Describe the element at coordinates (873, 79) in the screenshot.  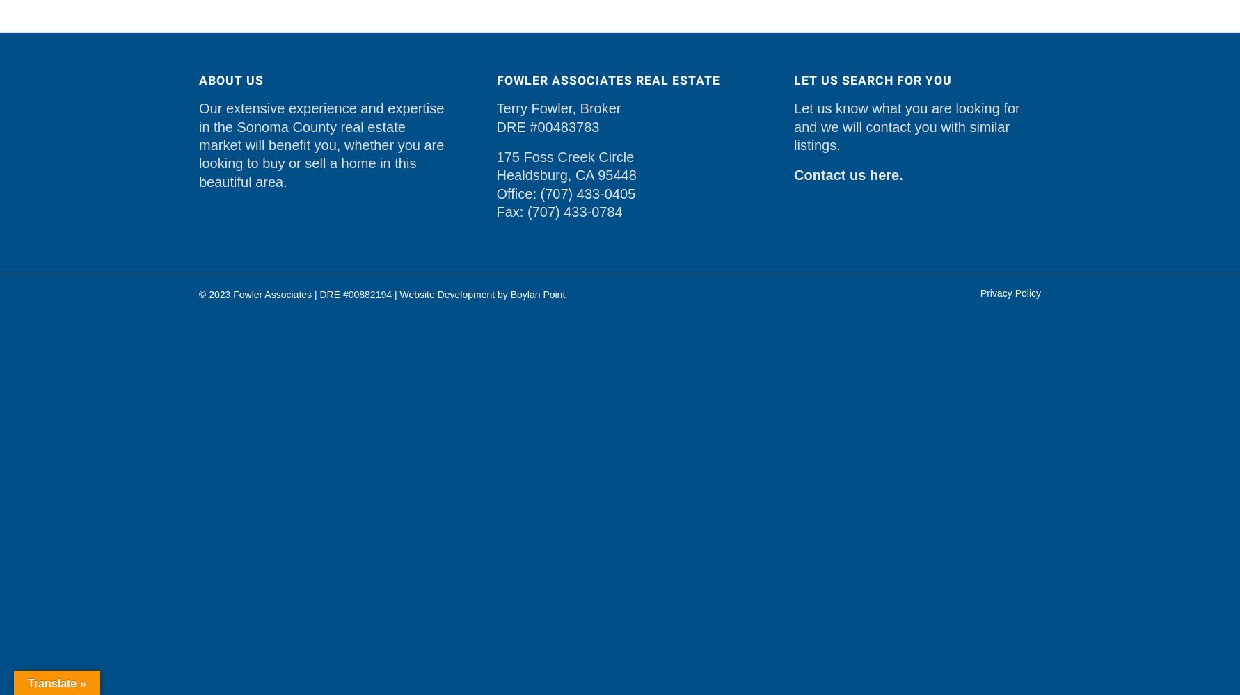
I see `'Let Us Search For You'` at that location.